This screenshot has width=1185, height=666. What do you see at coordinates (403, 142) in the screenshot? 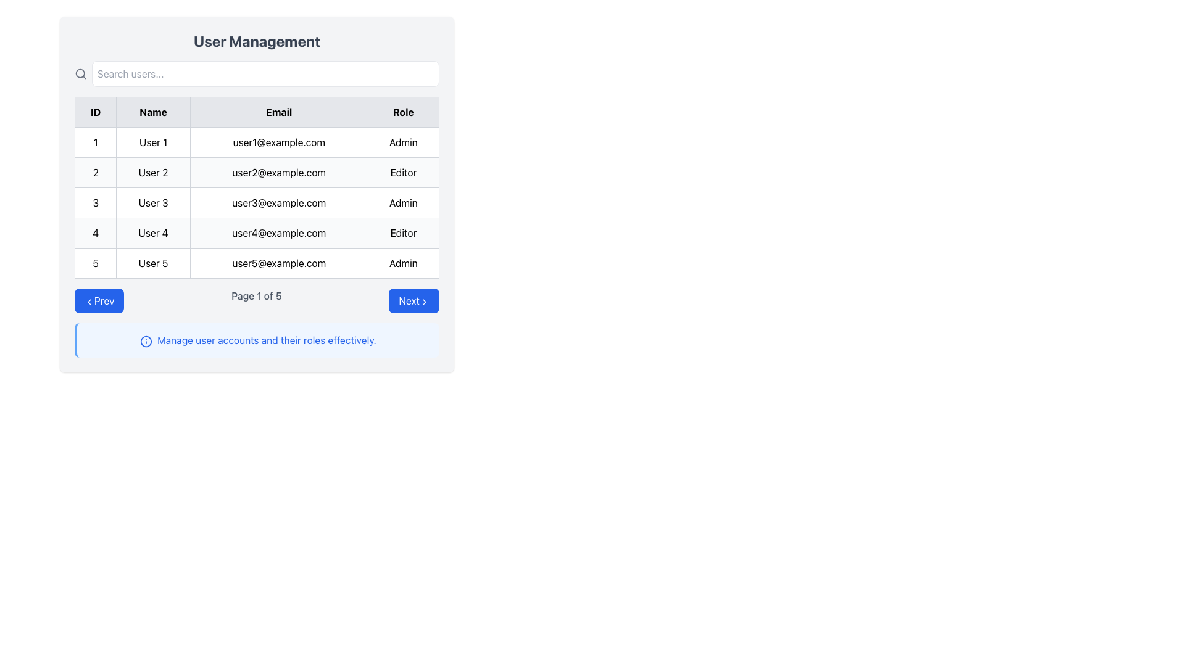
I see `the Text Display element containing the text 'Admin' in the 'Role' column of the user management table` at bounding box center [403, 142].